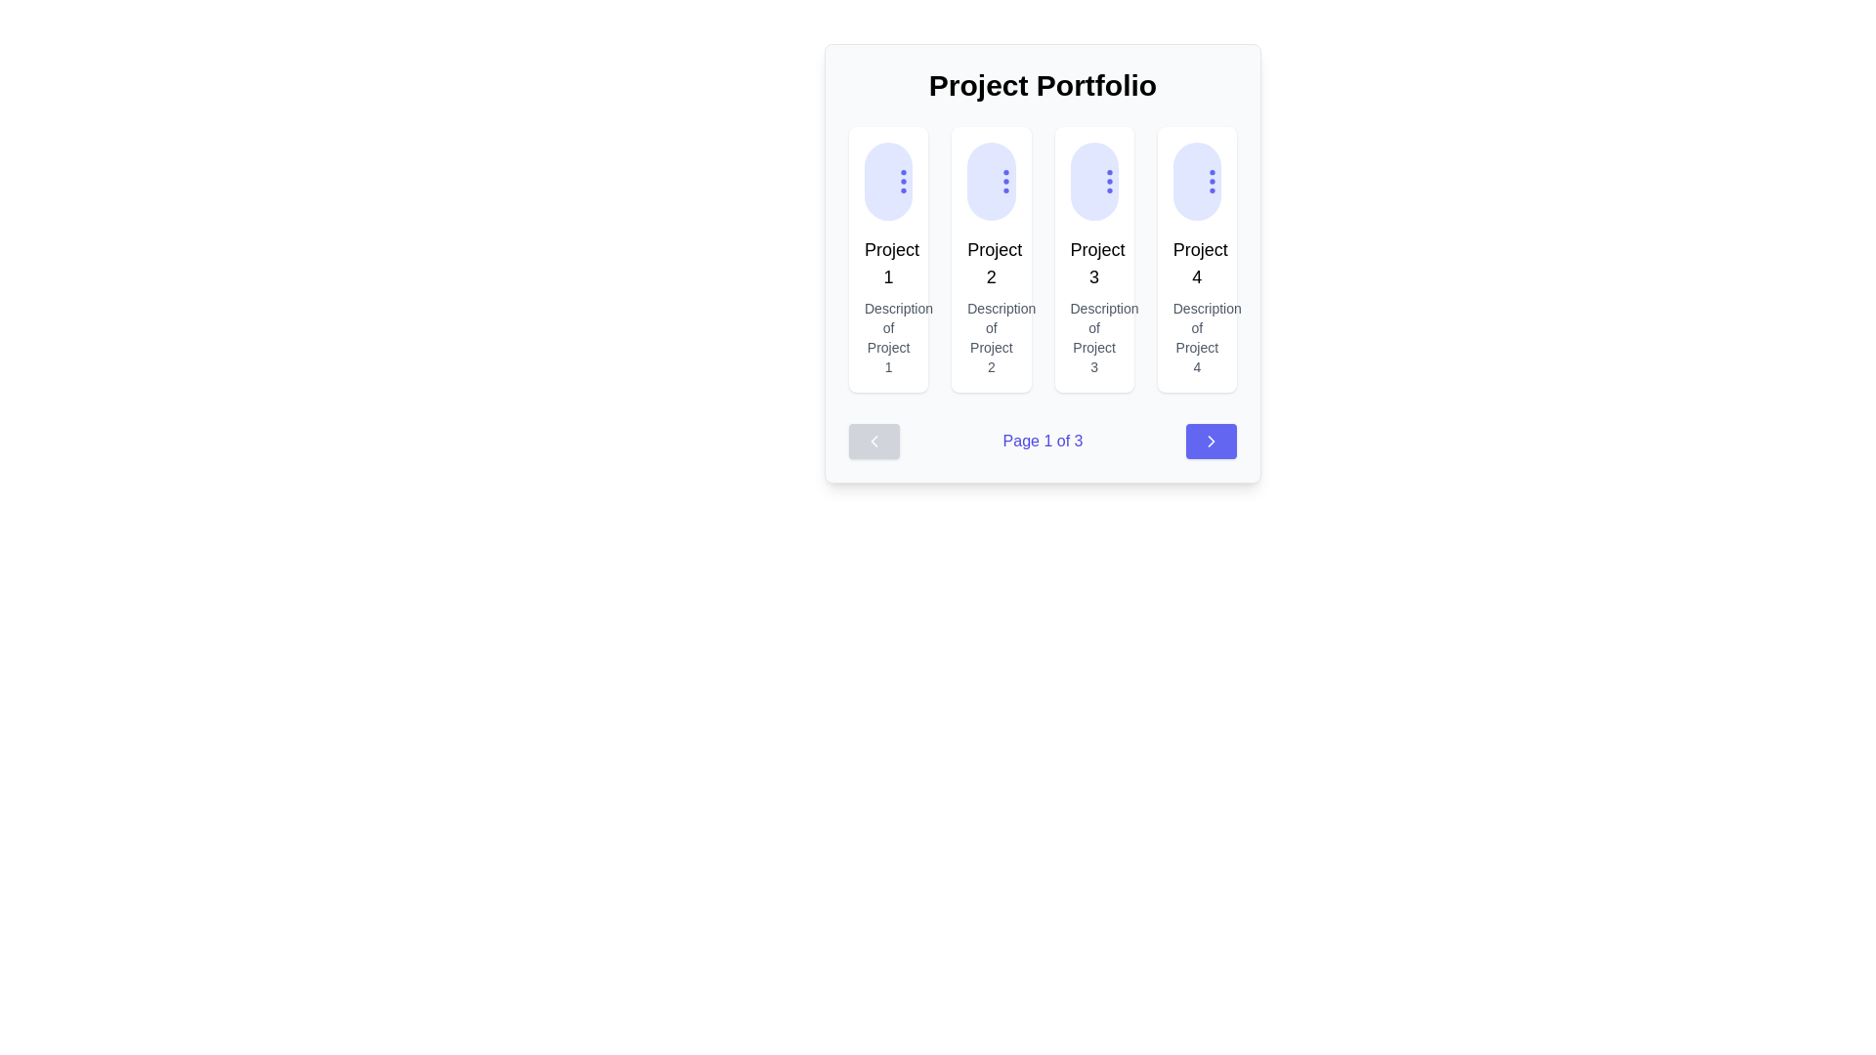  Describe the element at coordinates (991, 259) in the screenshot. I see `the 'Project 2' card to highlight it, which is the second card in a row of four cards displayed horizontally` at that location.